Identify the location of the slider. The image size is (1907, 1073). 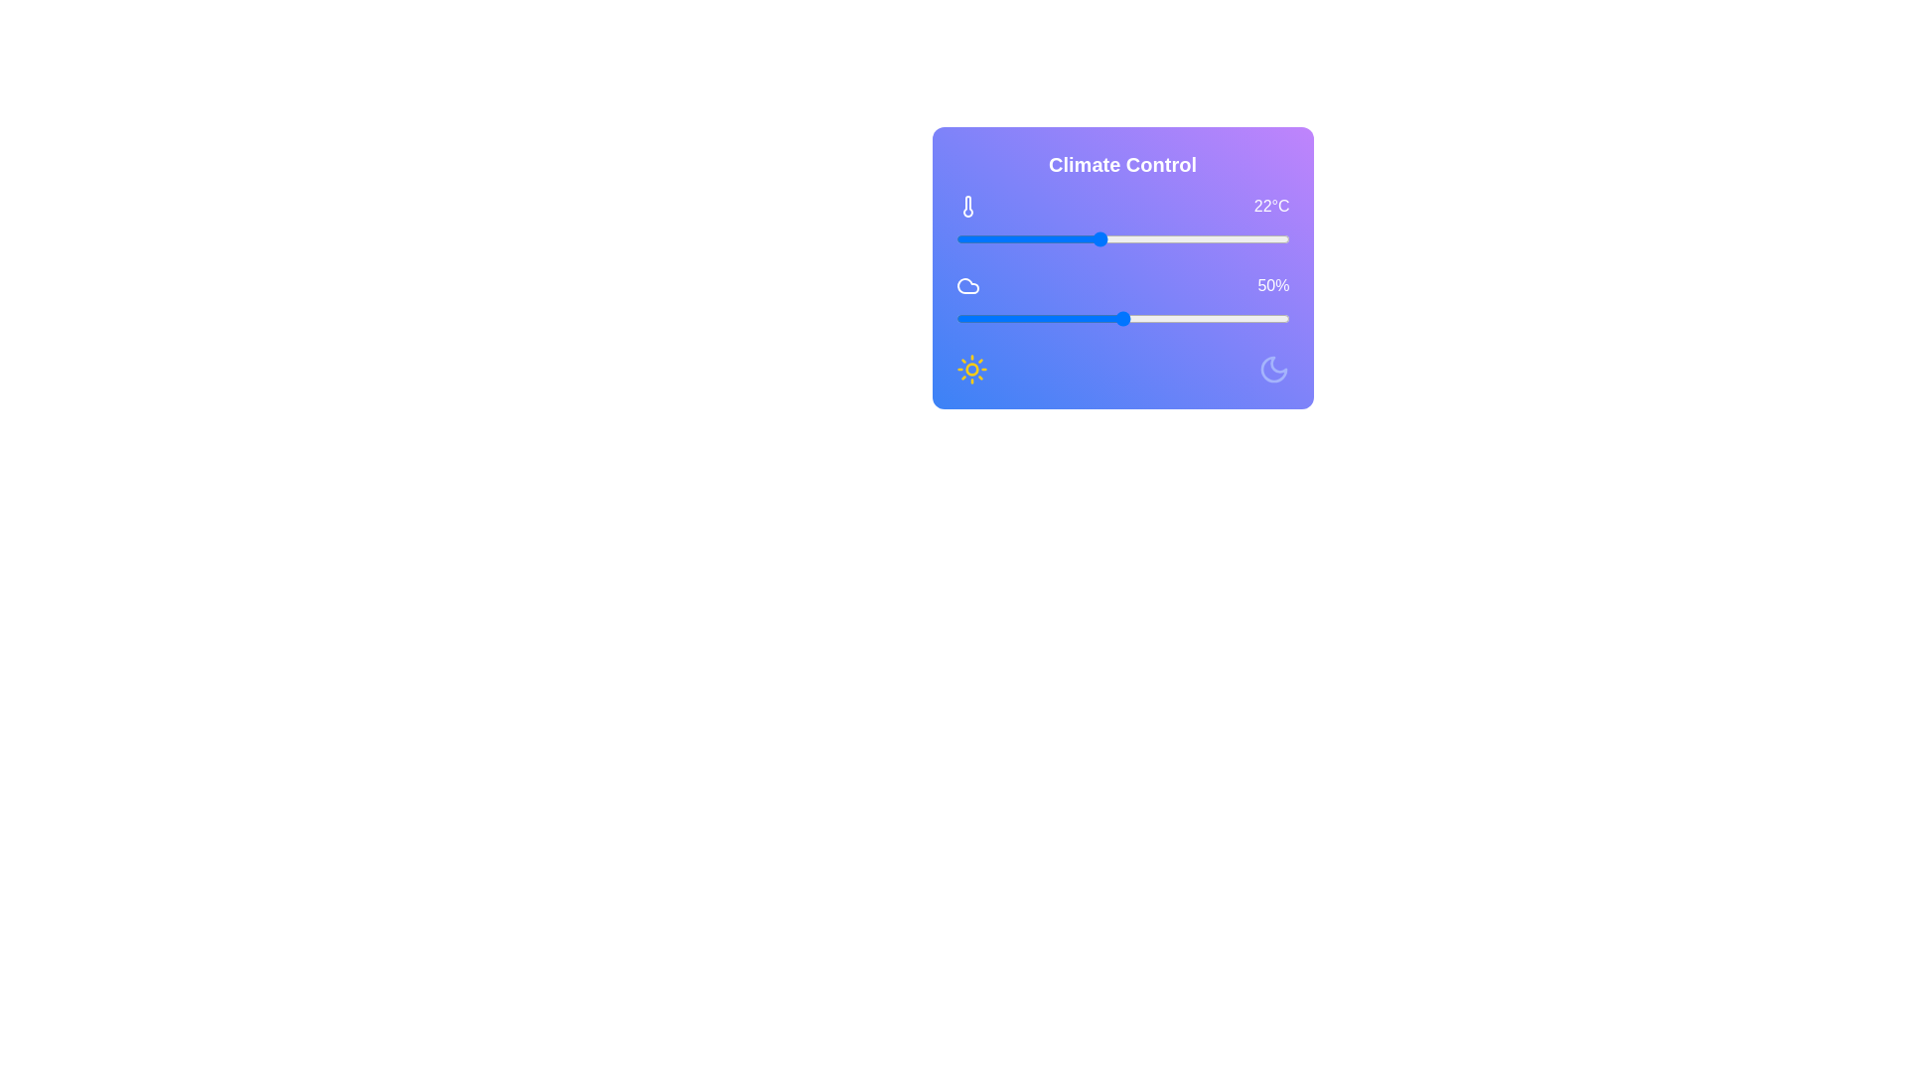
(1139, 317).